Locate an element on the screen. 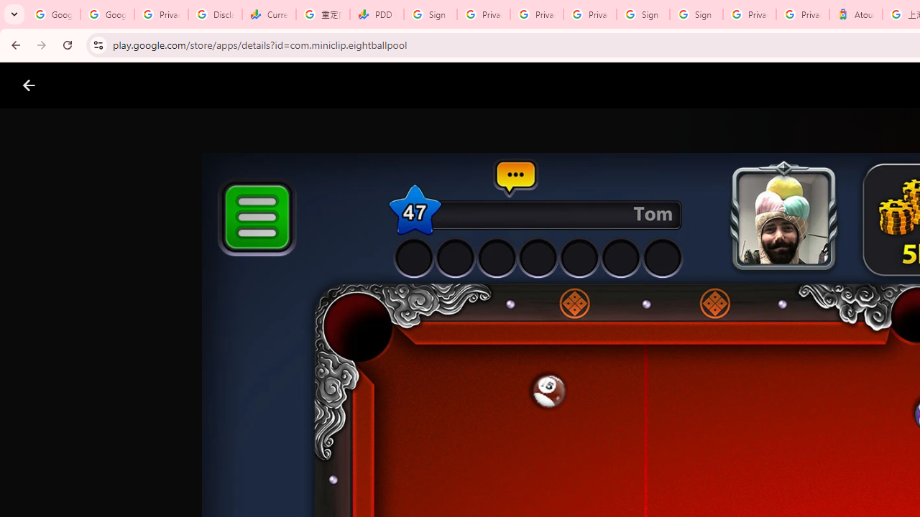  'Google Workspace Admin Community' is located at coordinates (53, 14).